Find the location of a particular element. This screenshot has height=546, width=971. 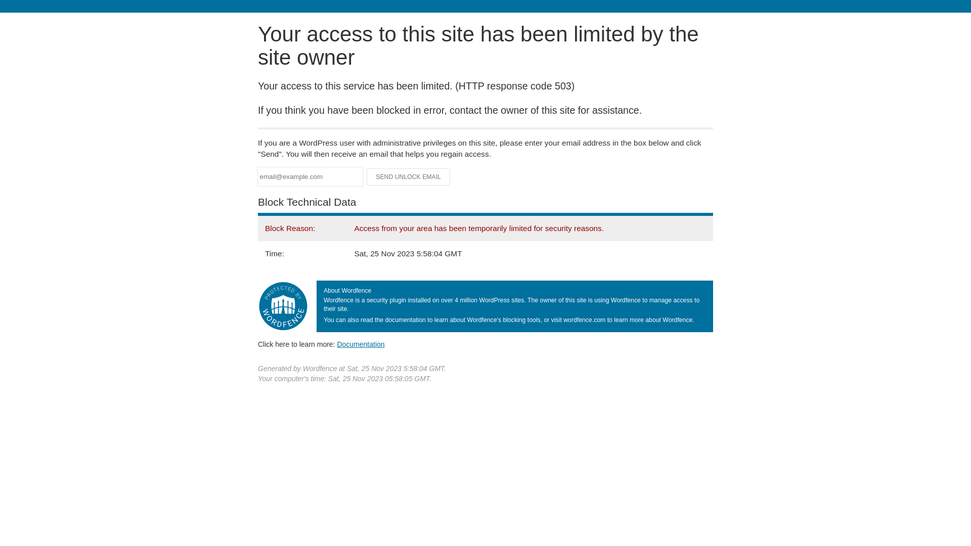

'Documentation' is located at coordinates (361, 344).